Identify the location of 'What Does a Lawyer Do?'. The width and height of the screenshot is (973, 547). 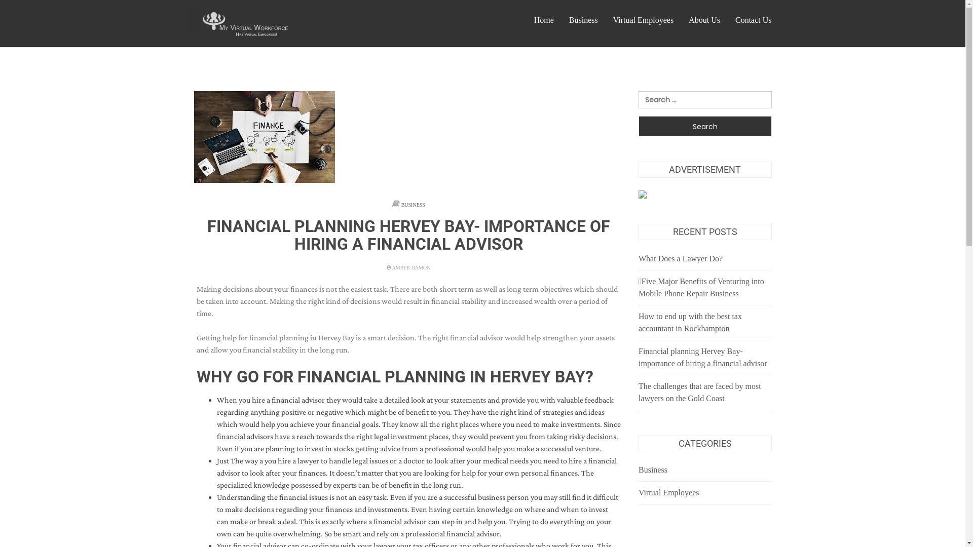
(638, 258).